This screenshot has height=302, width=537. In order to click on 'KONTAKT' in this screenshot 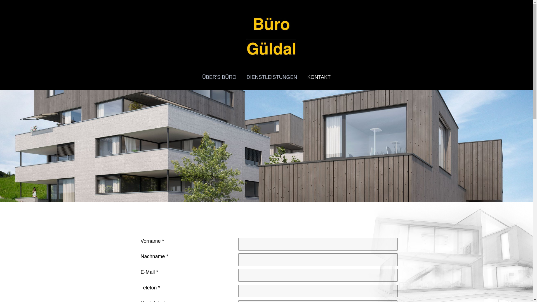, I will do `click(302, 77)`.